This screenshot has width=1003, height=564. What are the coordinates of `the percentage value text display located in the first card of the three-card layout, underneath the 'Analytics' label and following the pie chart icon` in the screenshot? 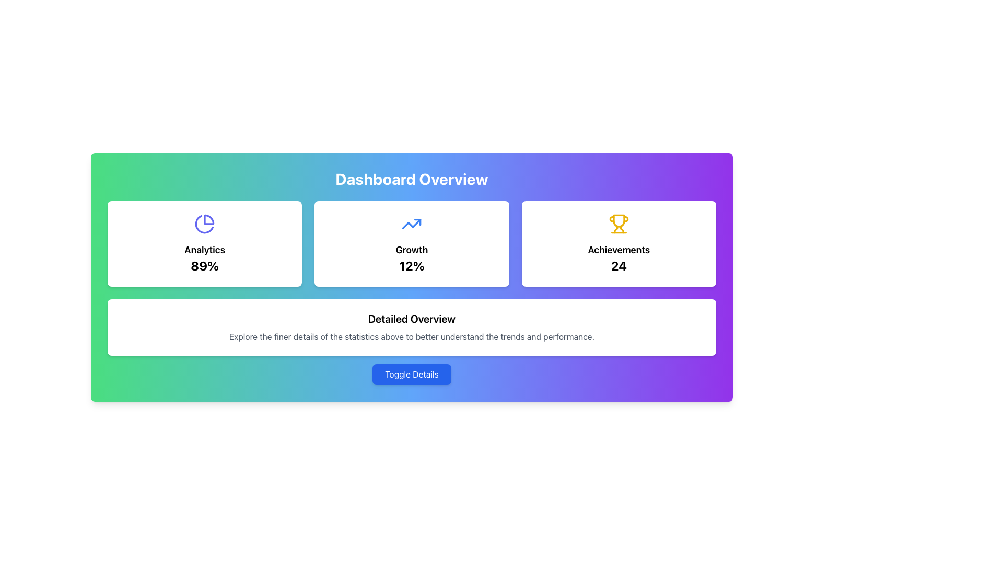 It's located at (205, 265).